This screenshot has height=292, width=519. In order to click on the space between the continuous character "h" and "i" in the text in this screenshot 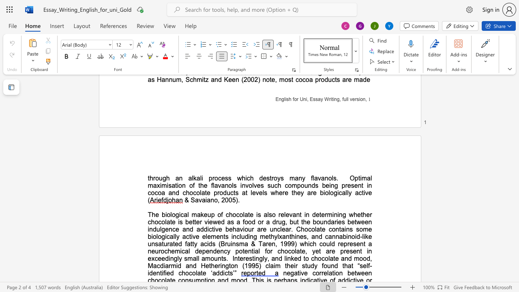, I will do `click(244, 178)`.